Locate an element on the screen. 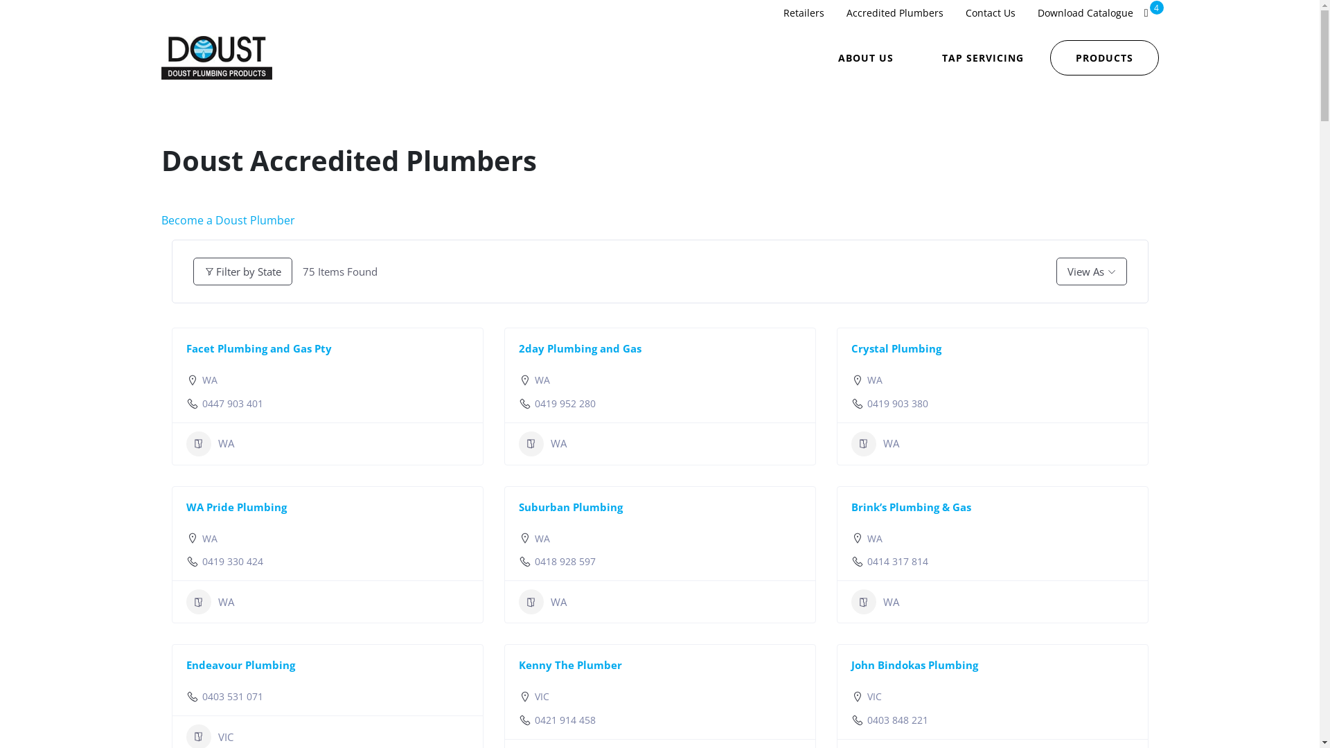  'Become a Doust Plumber' is located at coordinates (227, 219).